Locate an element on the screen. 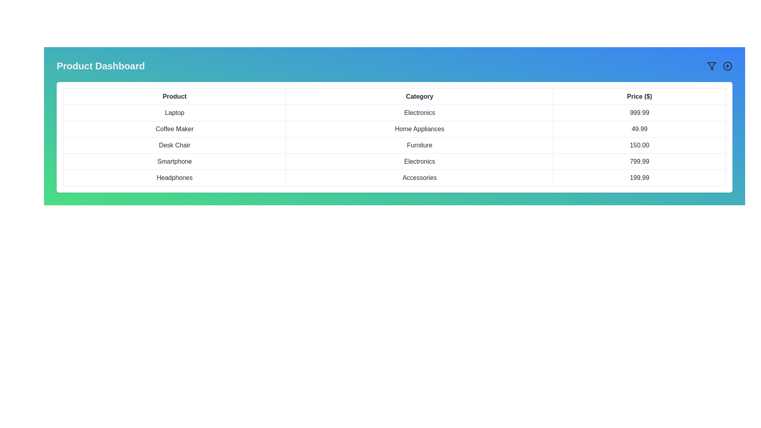 Image resolution: width=761 pixels, height=428 pixels. the text label element displaying 'Headphones', which is the last item in the 'Product' column of the data table, aligned leftwards is located at coordinates (174, 177).